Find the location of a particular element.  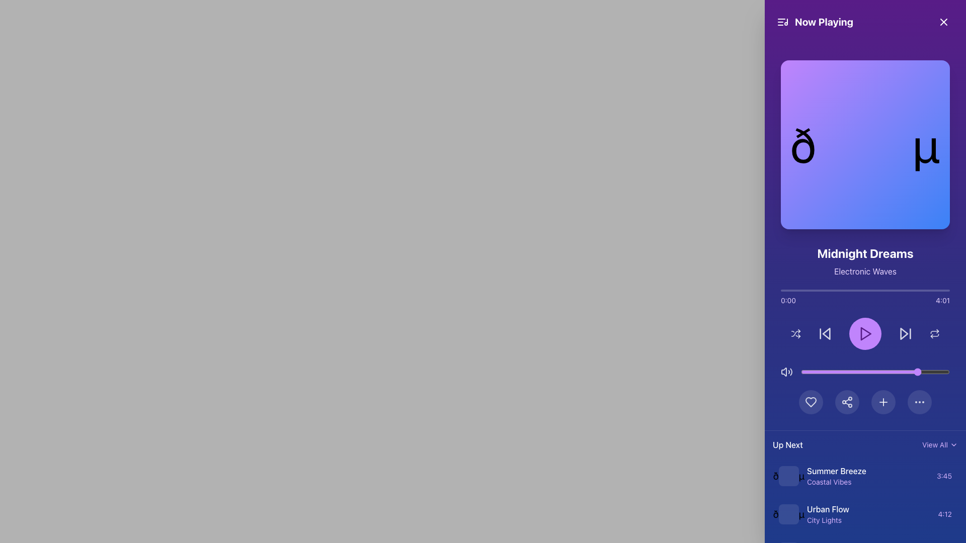

the circular button with a white heart icon is located at coordinates (811, 401).